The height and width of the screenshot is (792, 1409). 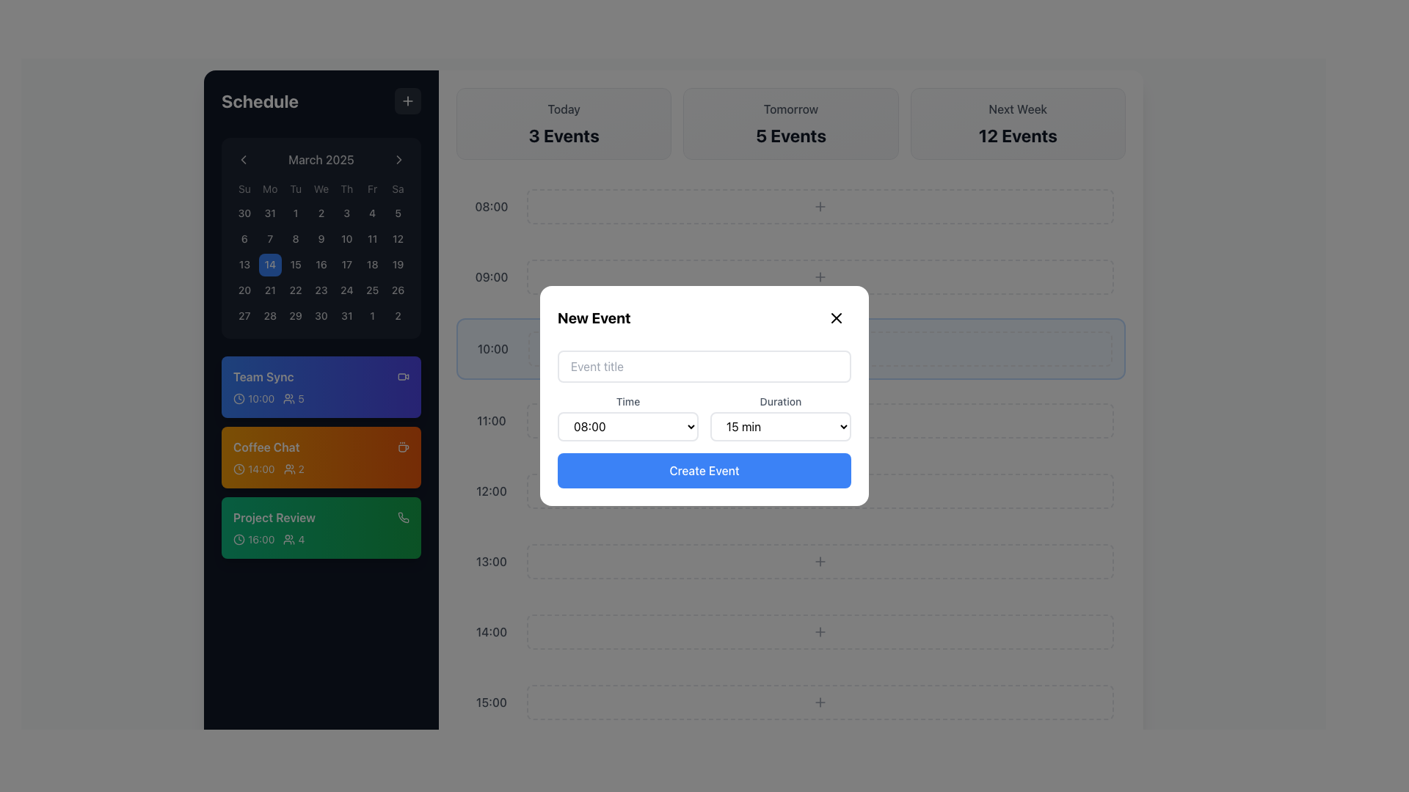 What do you see at coordinates (300, 540) in the screenshot?
I see `numeral '4' displayed in white font, which indicates the participant count in the calendar-style event interface next to the user group icon in the 'Project Review' event tile` at bounding box center [300, 540].